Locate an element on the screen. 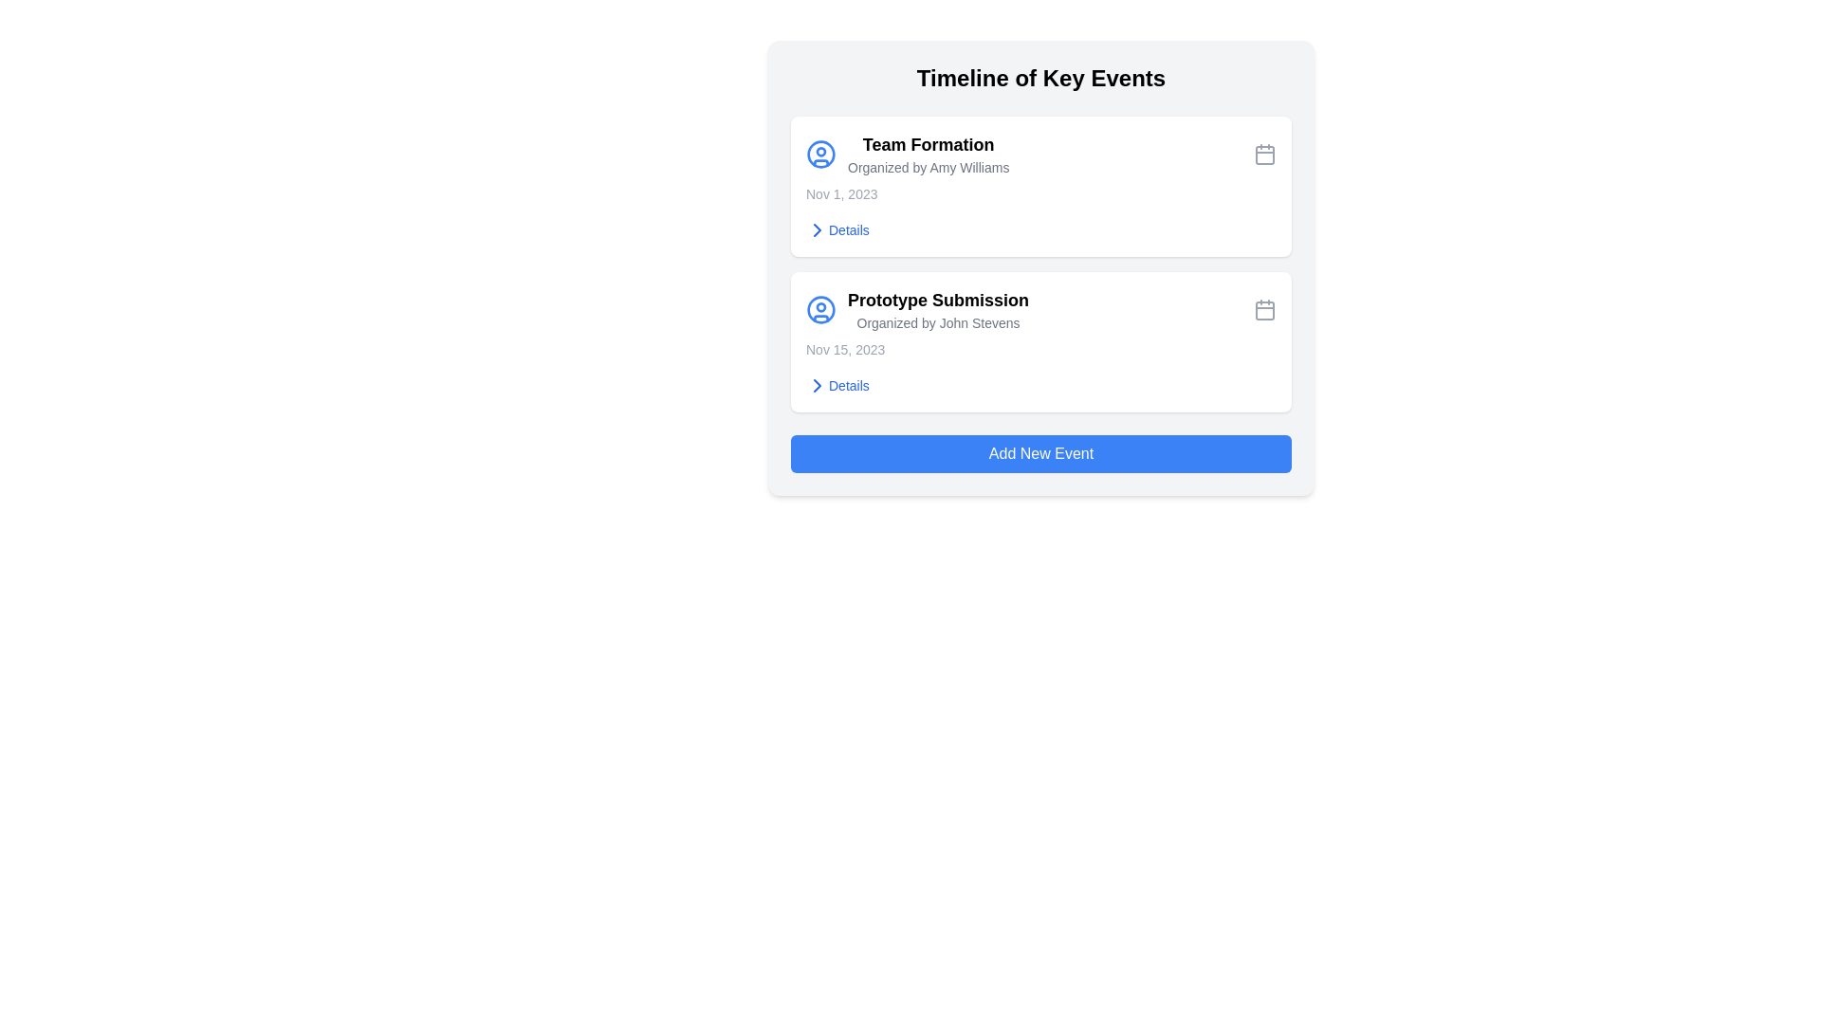 The height and width of the screenshot is (1024, 1821). the icon of the 'Team Formation' event in the timeline is located at coordinates (907, 153).